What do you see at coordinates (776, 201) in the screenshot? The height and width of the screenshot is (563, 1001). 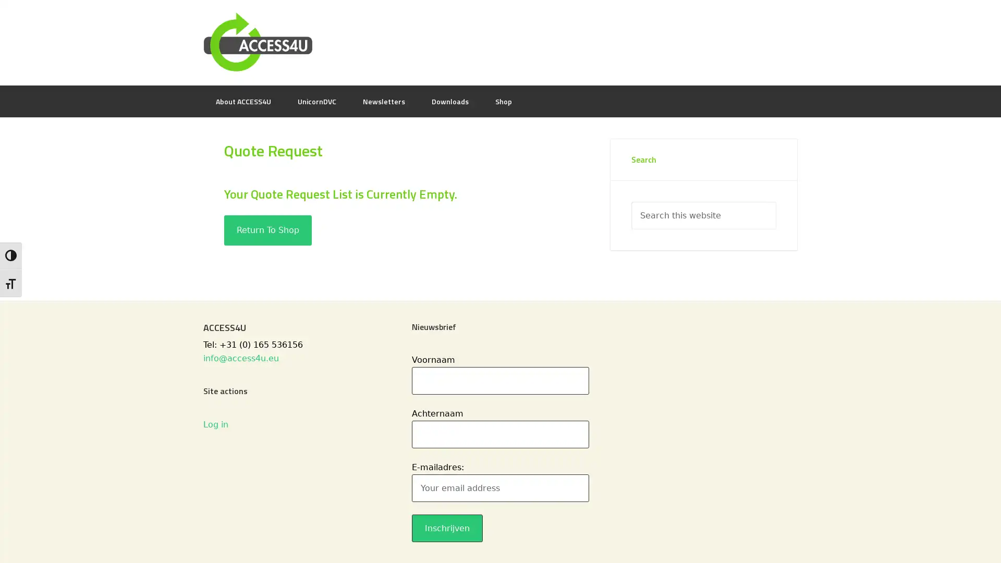 I see `Search` at bounding box center [776, 201].